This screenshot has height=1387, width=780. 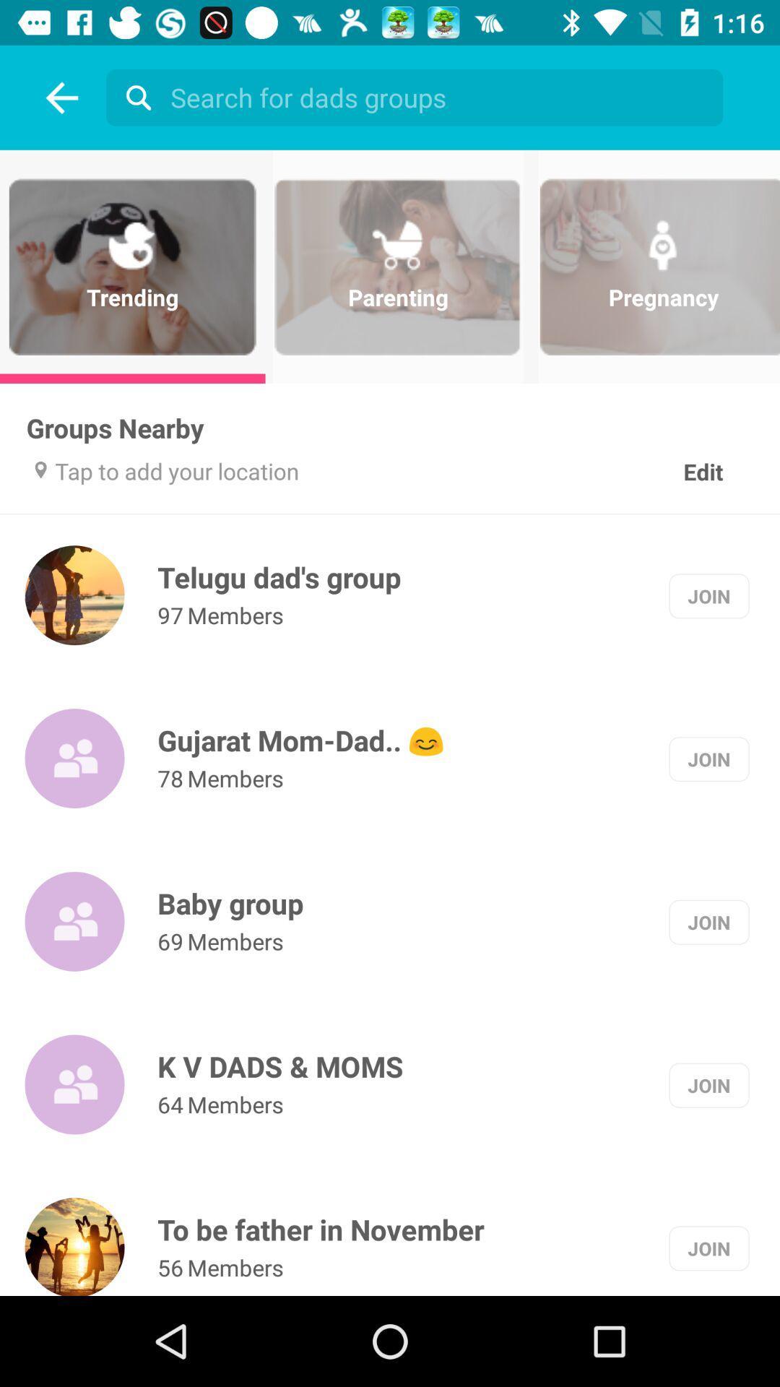 I want to click on icon above k v dads item, so click(x=170, y=941).